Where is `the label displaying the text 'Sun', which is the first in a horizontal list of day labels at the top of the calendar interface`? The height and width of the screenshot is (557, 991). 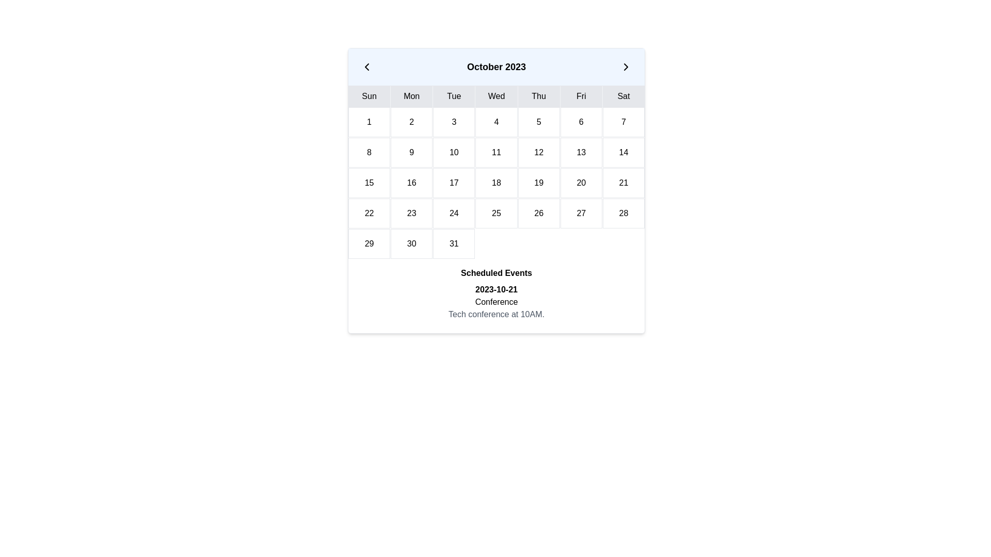 the label displaying the text 'Sun', which is the first in a horizontal list of day labels at the top of the calendar interface is located at coordinates (369, 96).